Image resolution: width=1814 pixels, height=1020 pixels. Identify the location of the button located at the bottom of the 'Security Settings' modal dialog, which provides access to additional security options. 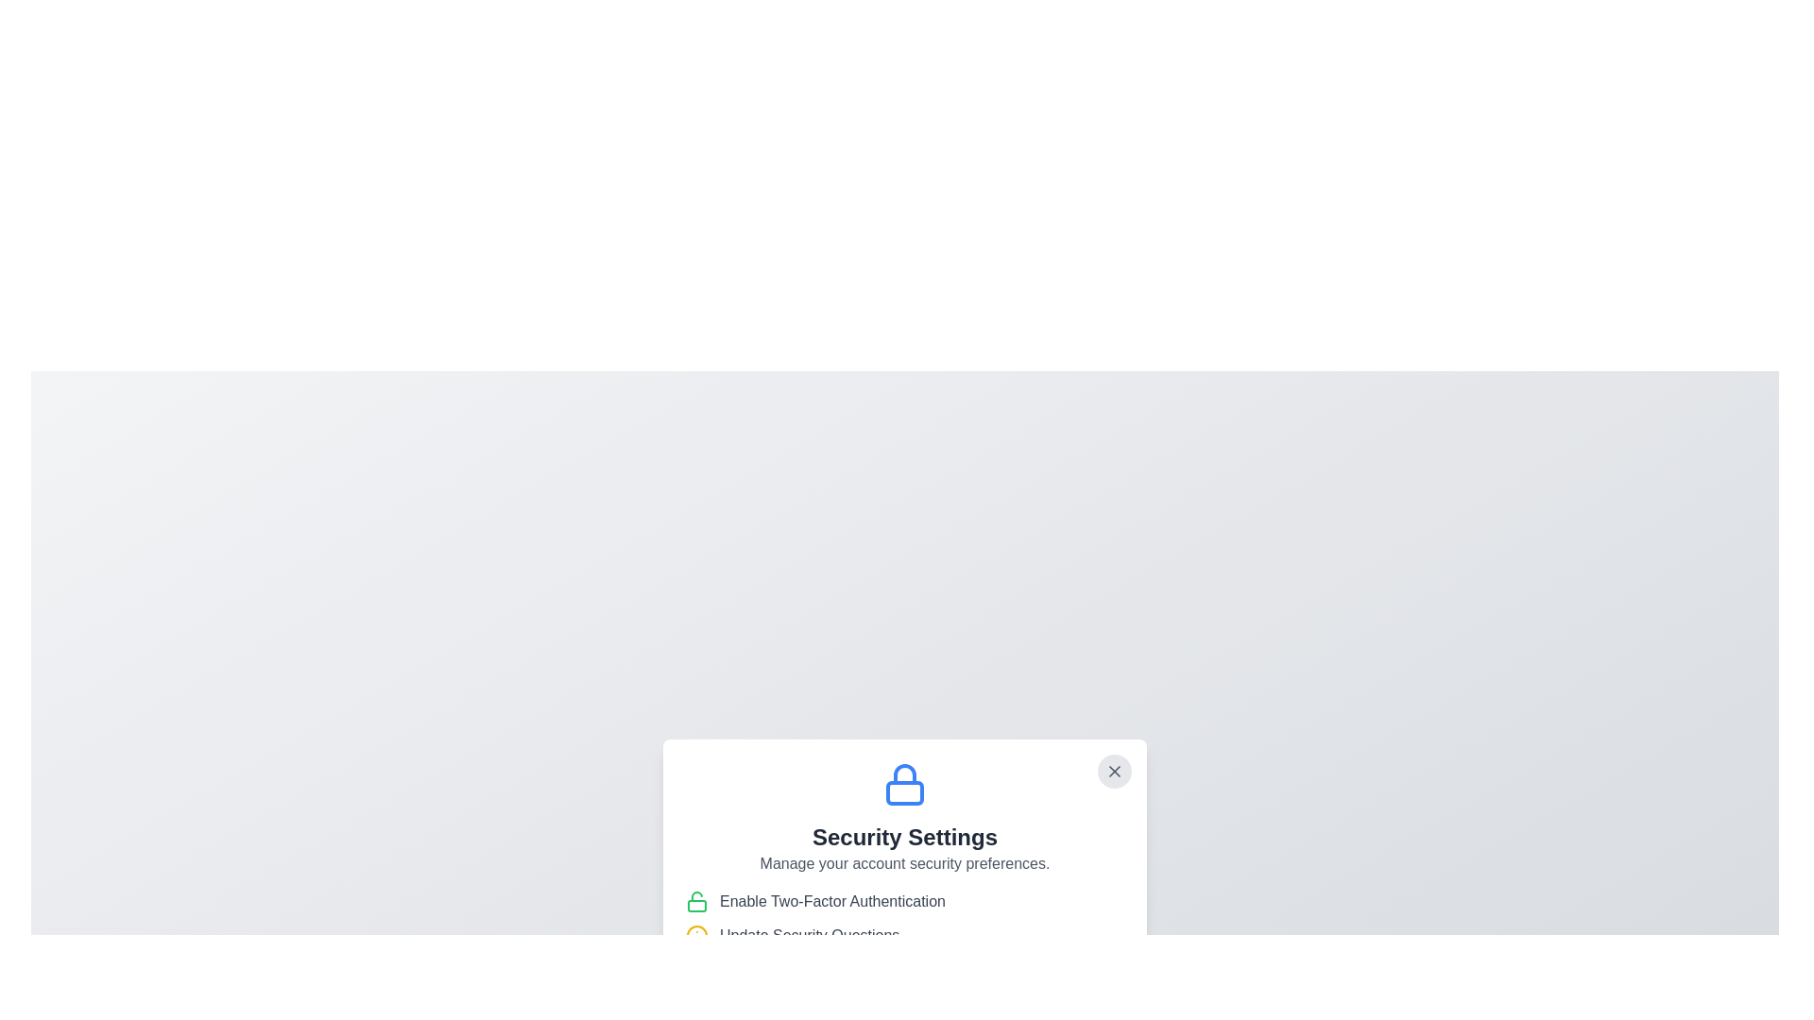
(904, 979).